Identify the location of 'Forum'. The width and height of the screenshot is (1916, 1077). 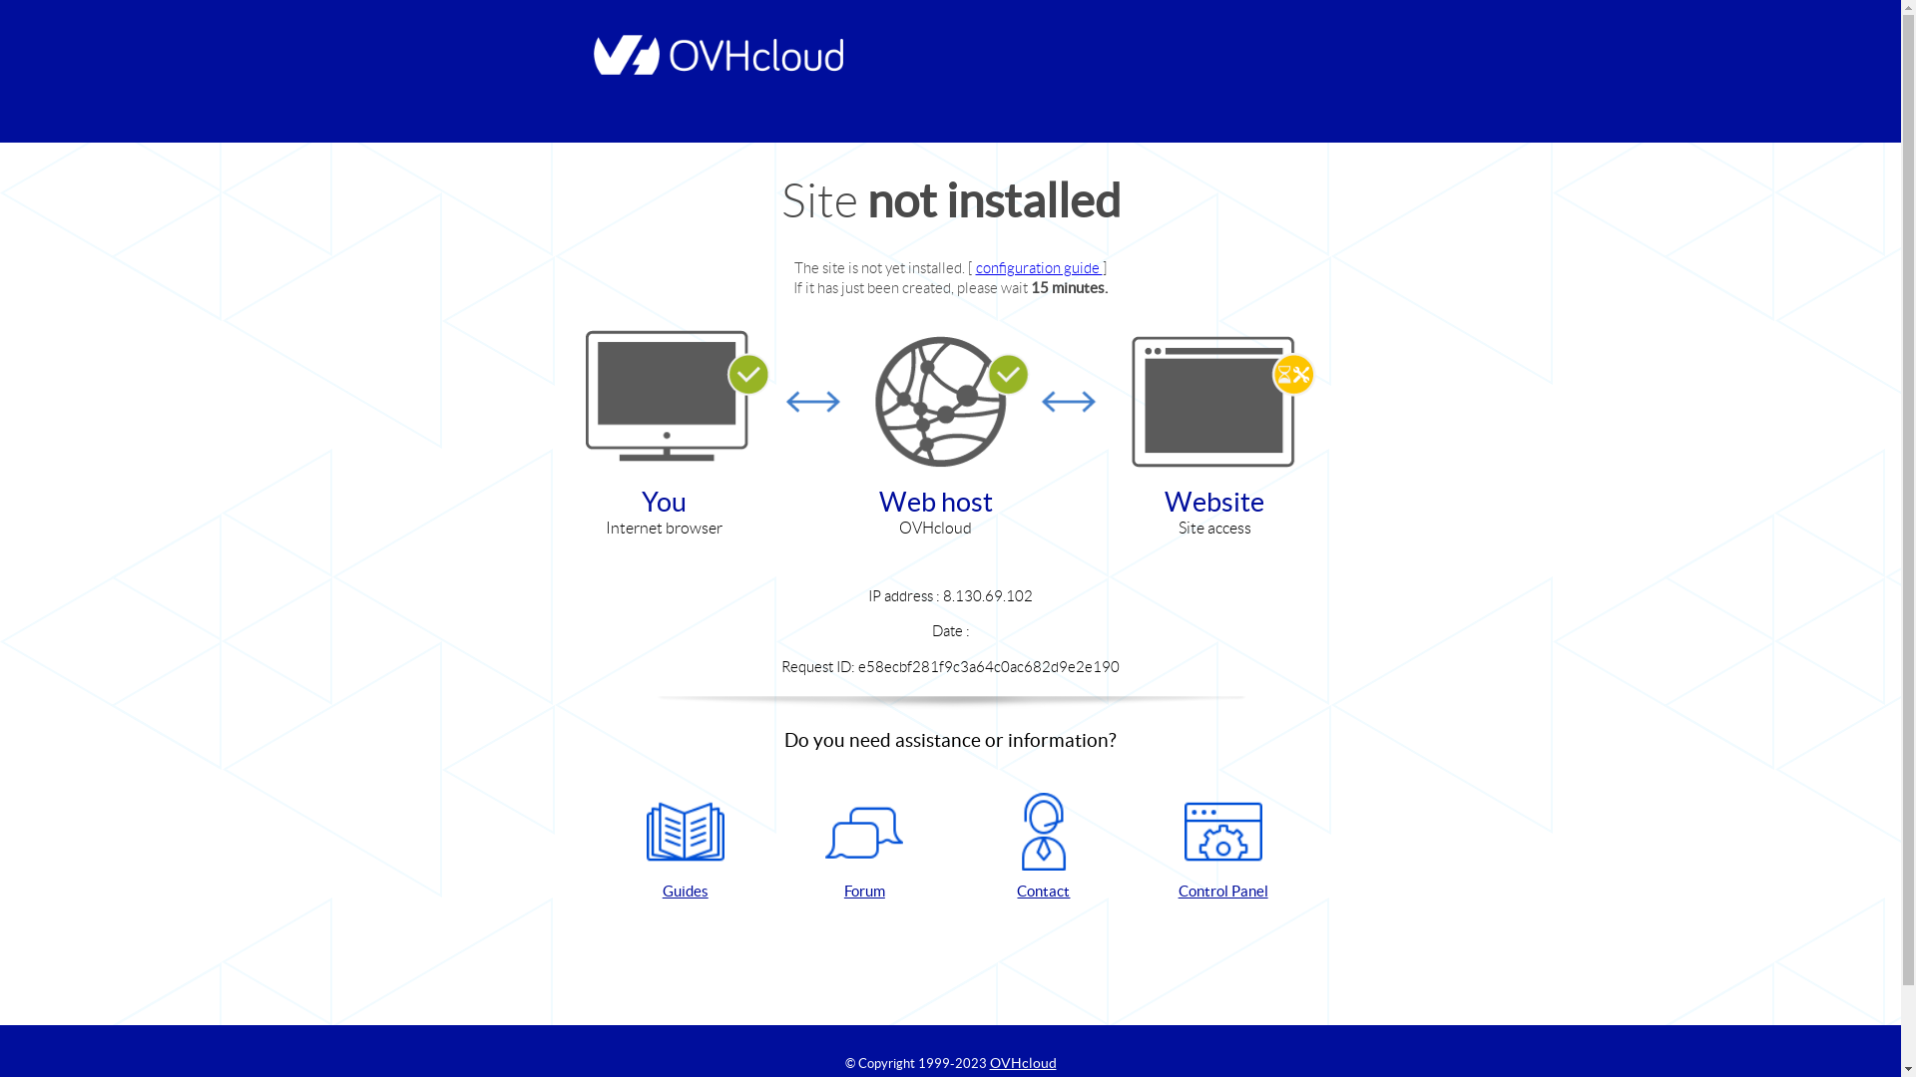
(863, 847).